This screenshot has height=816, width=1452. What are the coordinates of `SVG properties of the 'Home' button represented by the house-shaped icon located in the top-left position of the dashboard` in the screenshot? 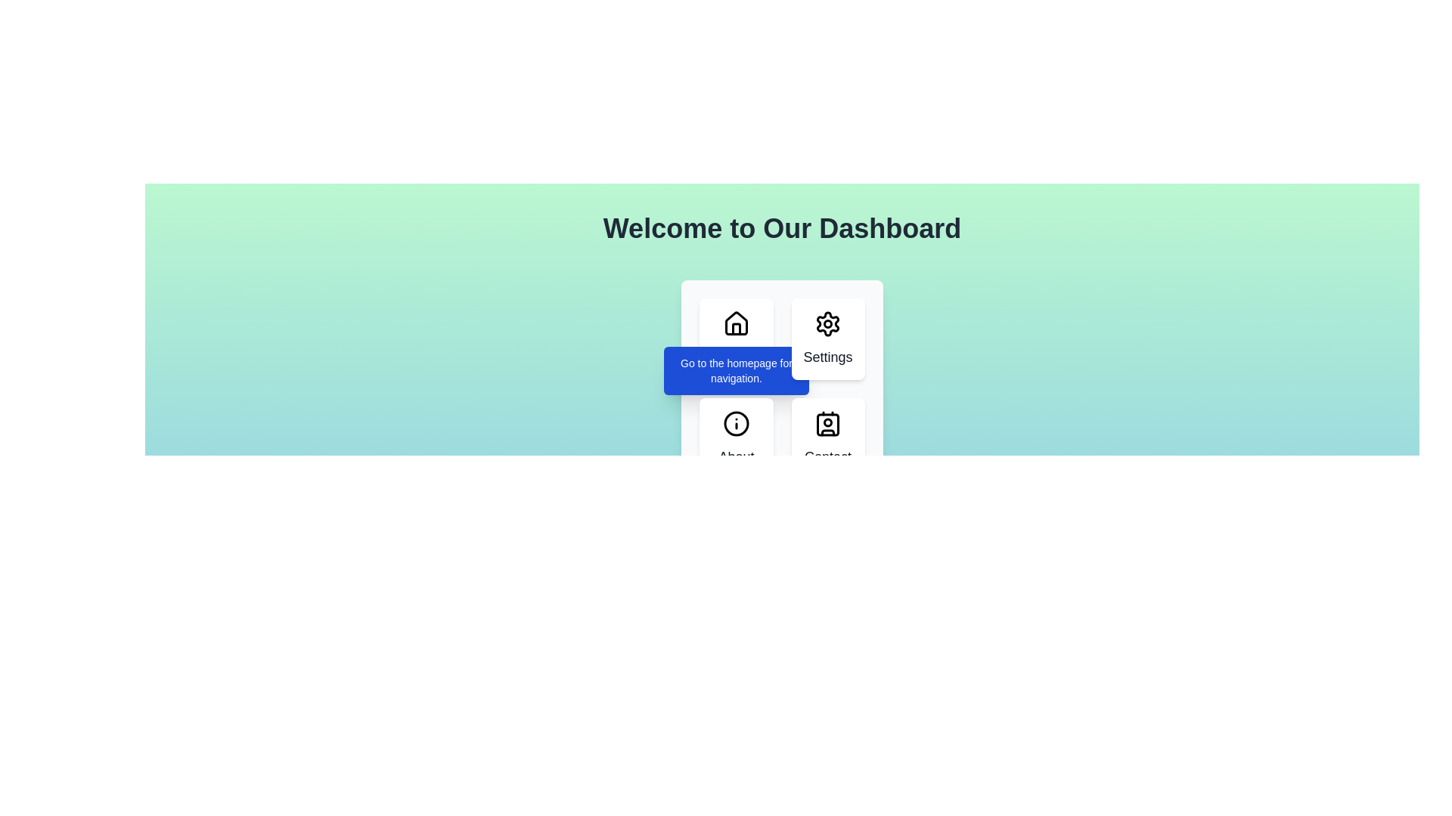 It's located at (737, 328).